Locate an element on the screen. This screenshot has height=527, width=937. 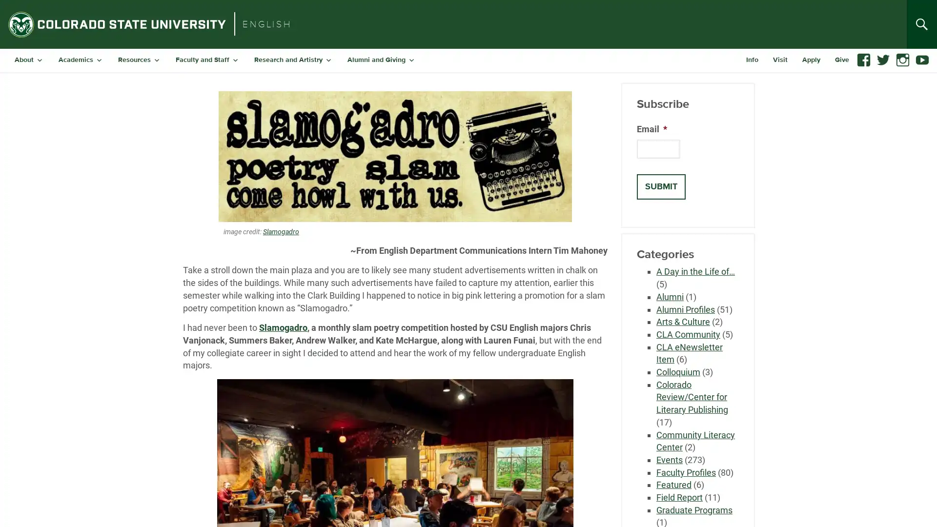
Submit is located at coordinates (661, 186).